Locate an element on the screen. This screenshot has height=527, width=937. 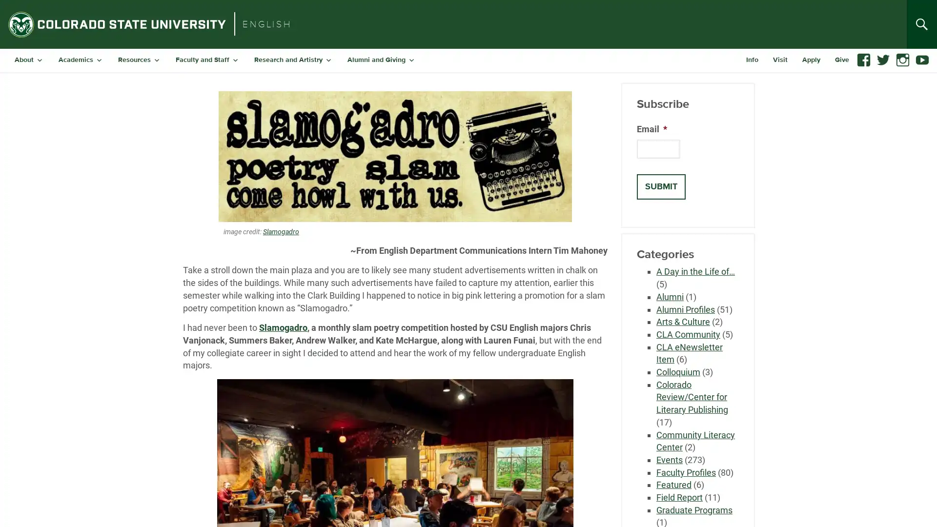
Submit is located at coordinates (661, 186).